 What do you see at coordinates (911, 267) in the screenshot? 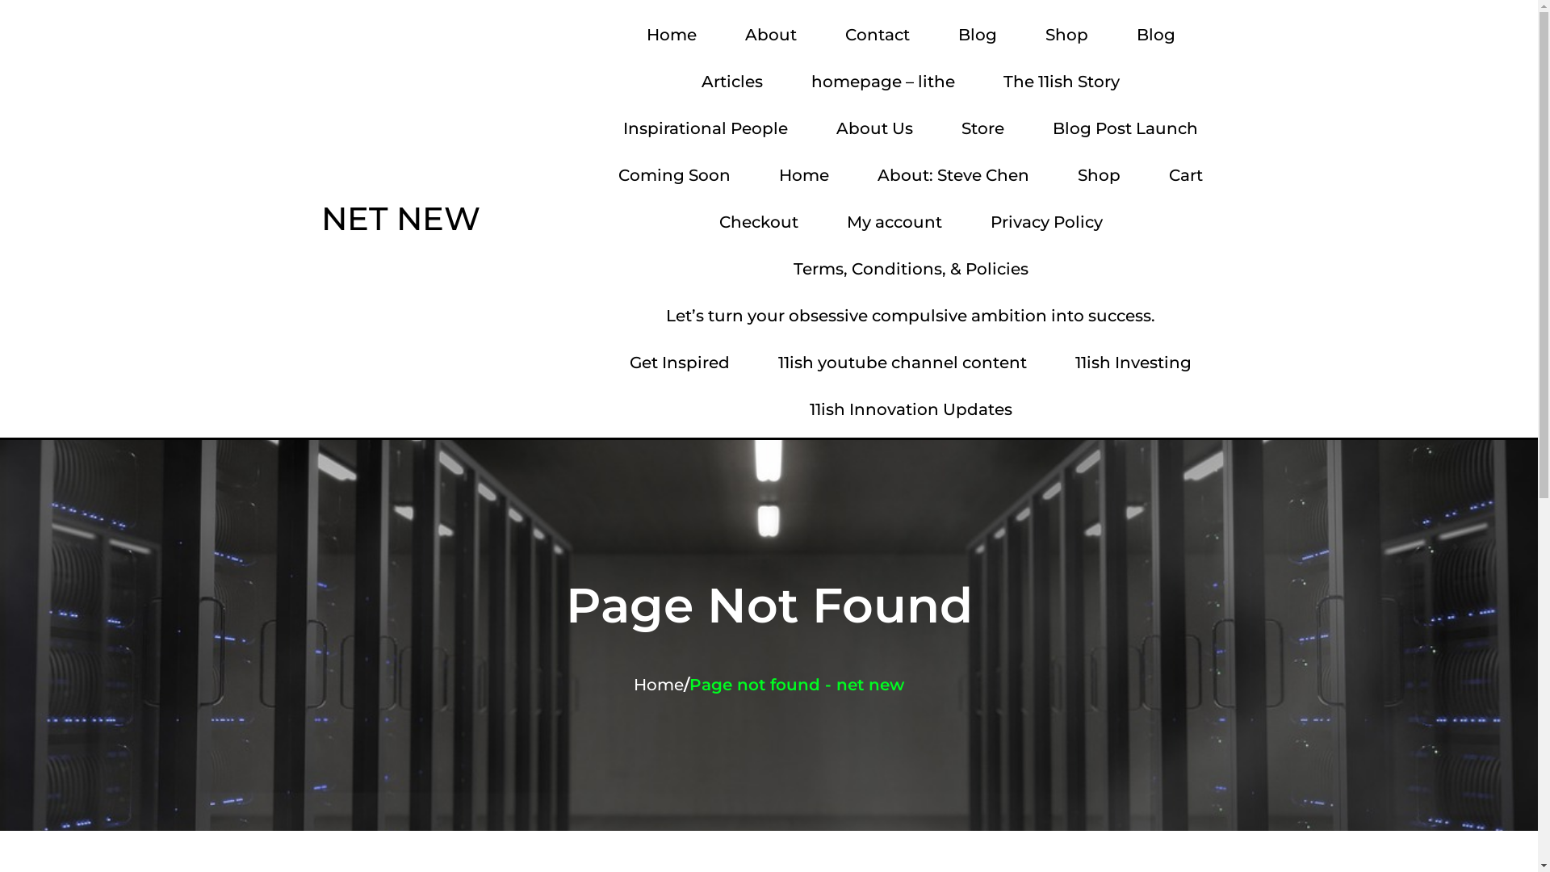
I see `'Terms, Conditions, & Policies'` at bounding box center [911, 267].